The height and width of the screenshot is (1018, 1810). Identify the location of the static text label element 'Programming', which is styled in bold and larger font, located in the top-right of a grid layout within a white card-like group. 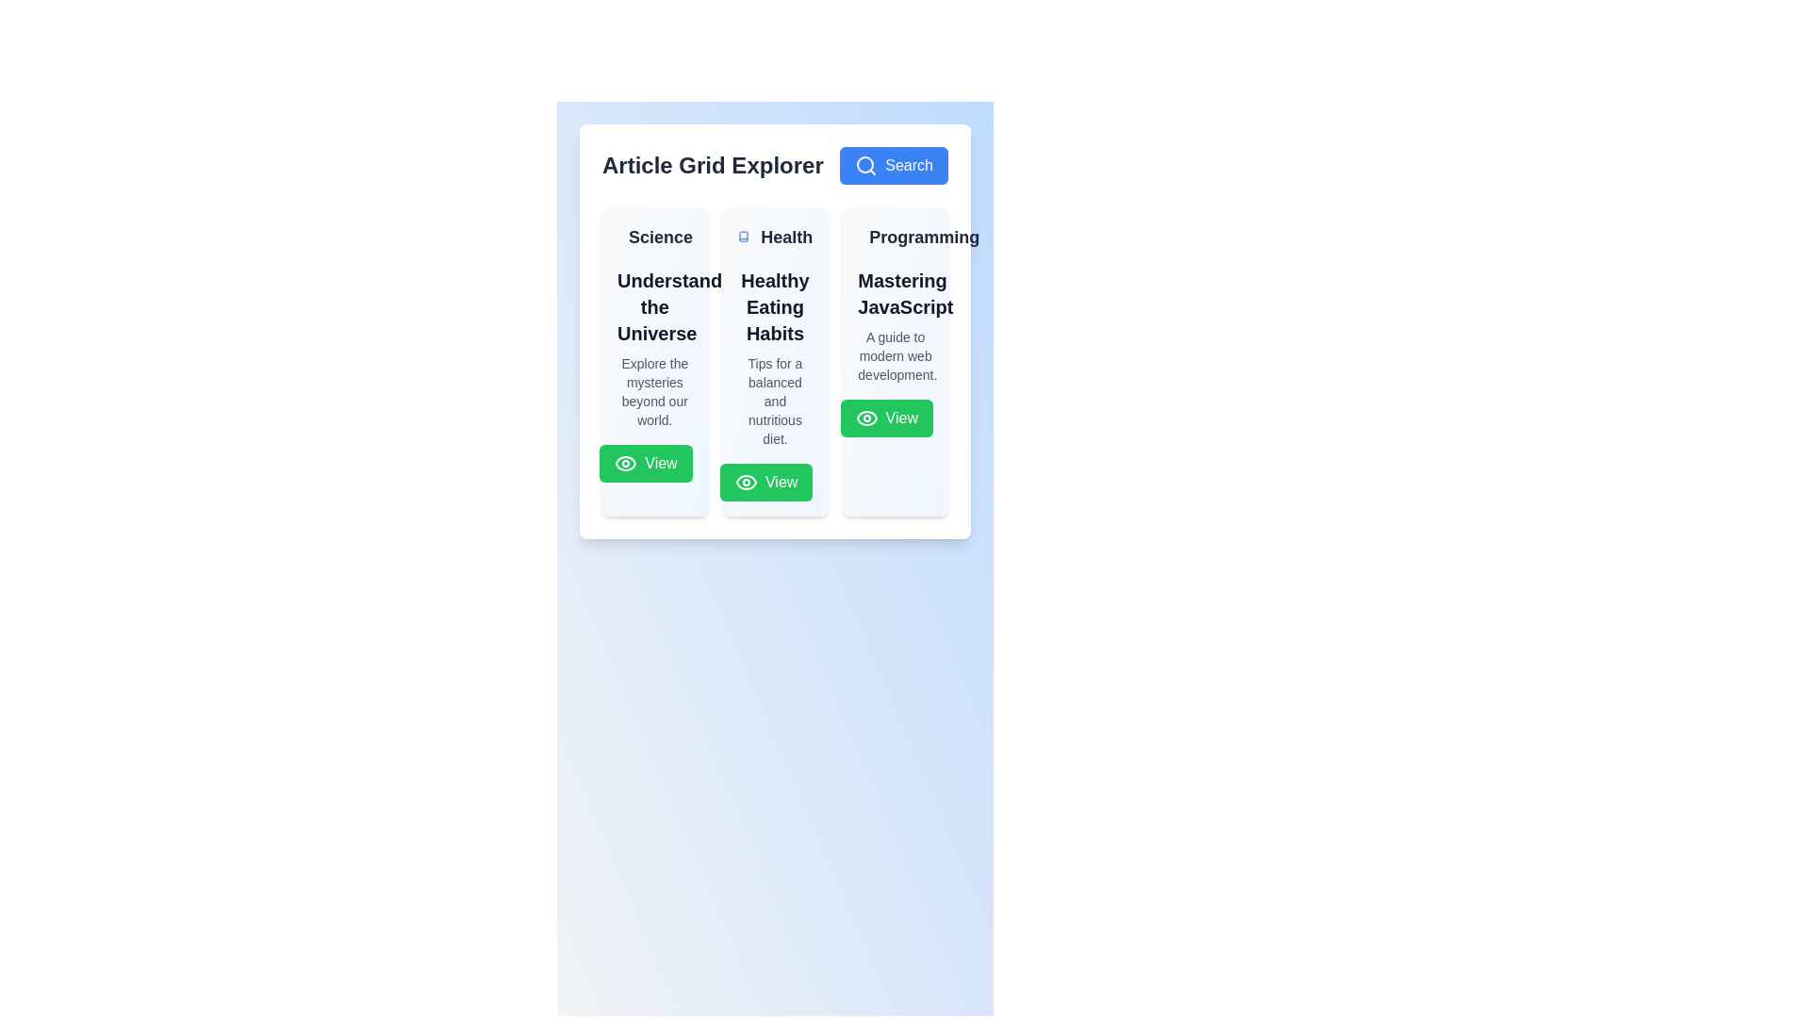
(924, 236).